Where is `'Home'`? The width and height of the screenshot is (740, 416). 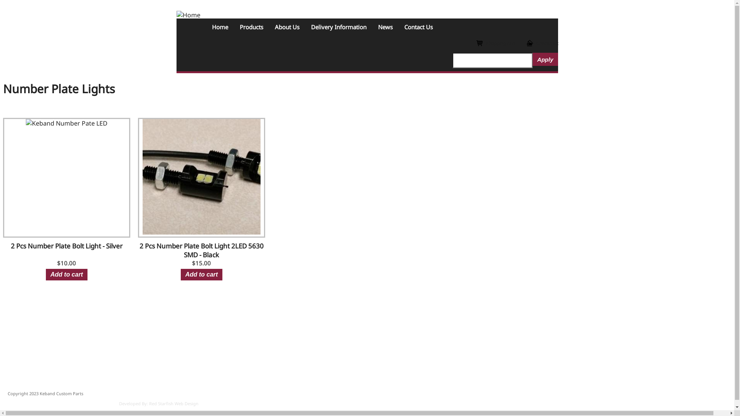
'Home' is located at coordinates (205, 26).